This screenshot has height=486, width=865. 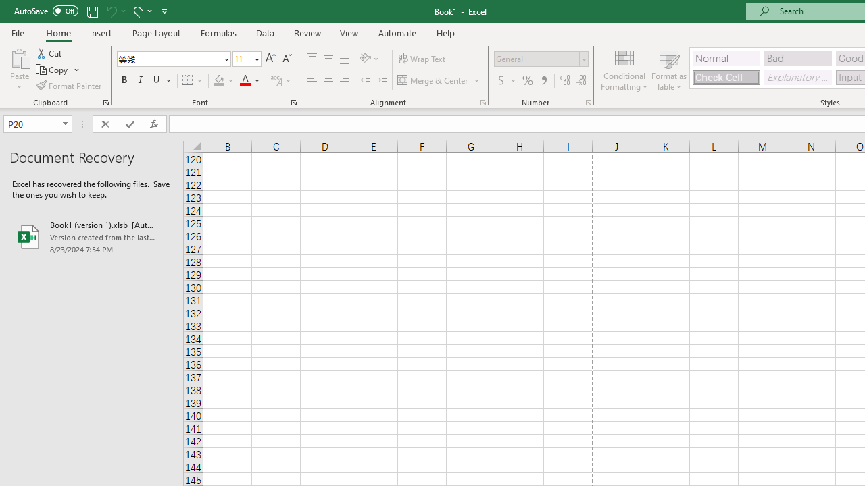 I want to click on 'Middle Align', so click(x=328, y=58).